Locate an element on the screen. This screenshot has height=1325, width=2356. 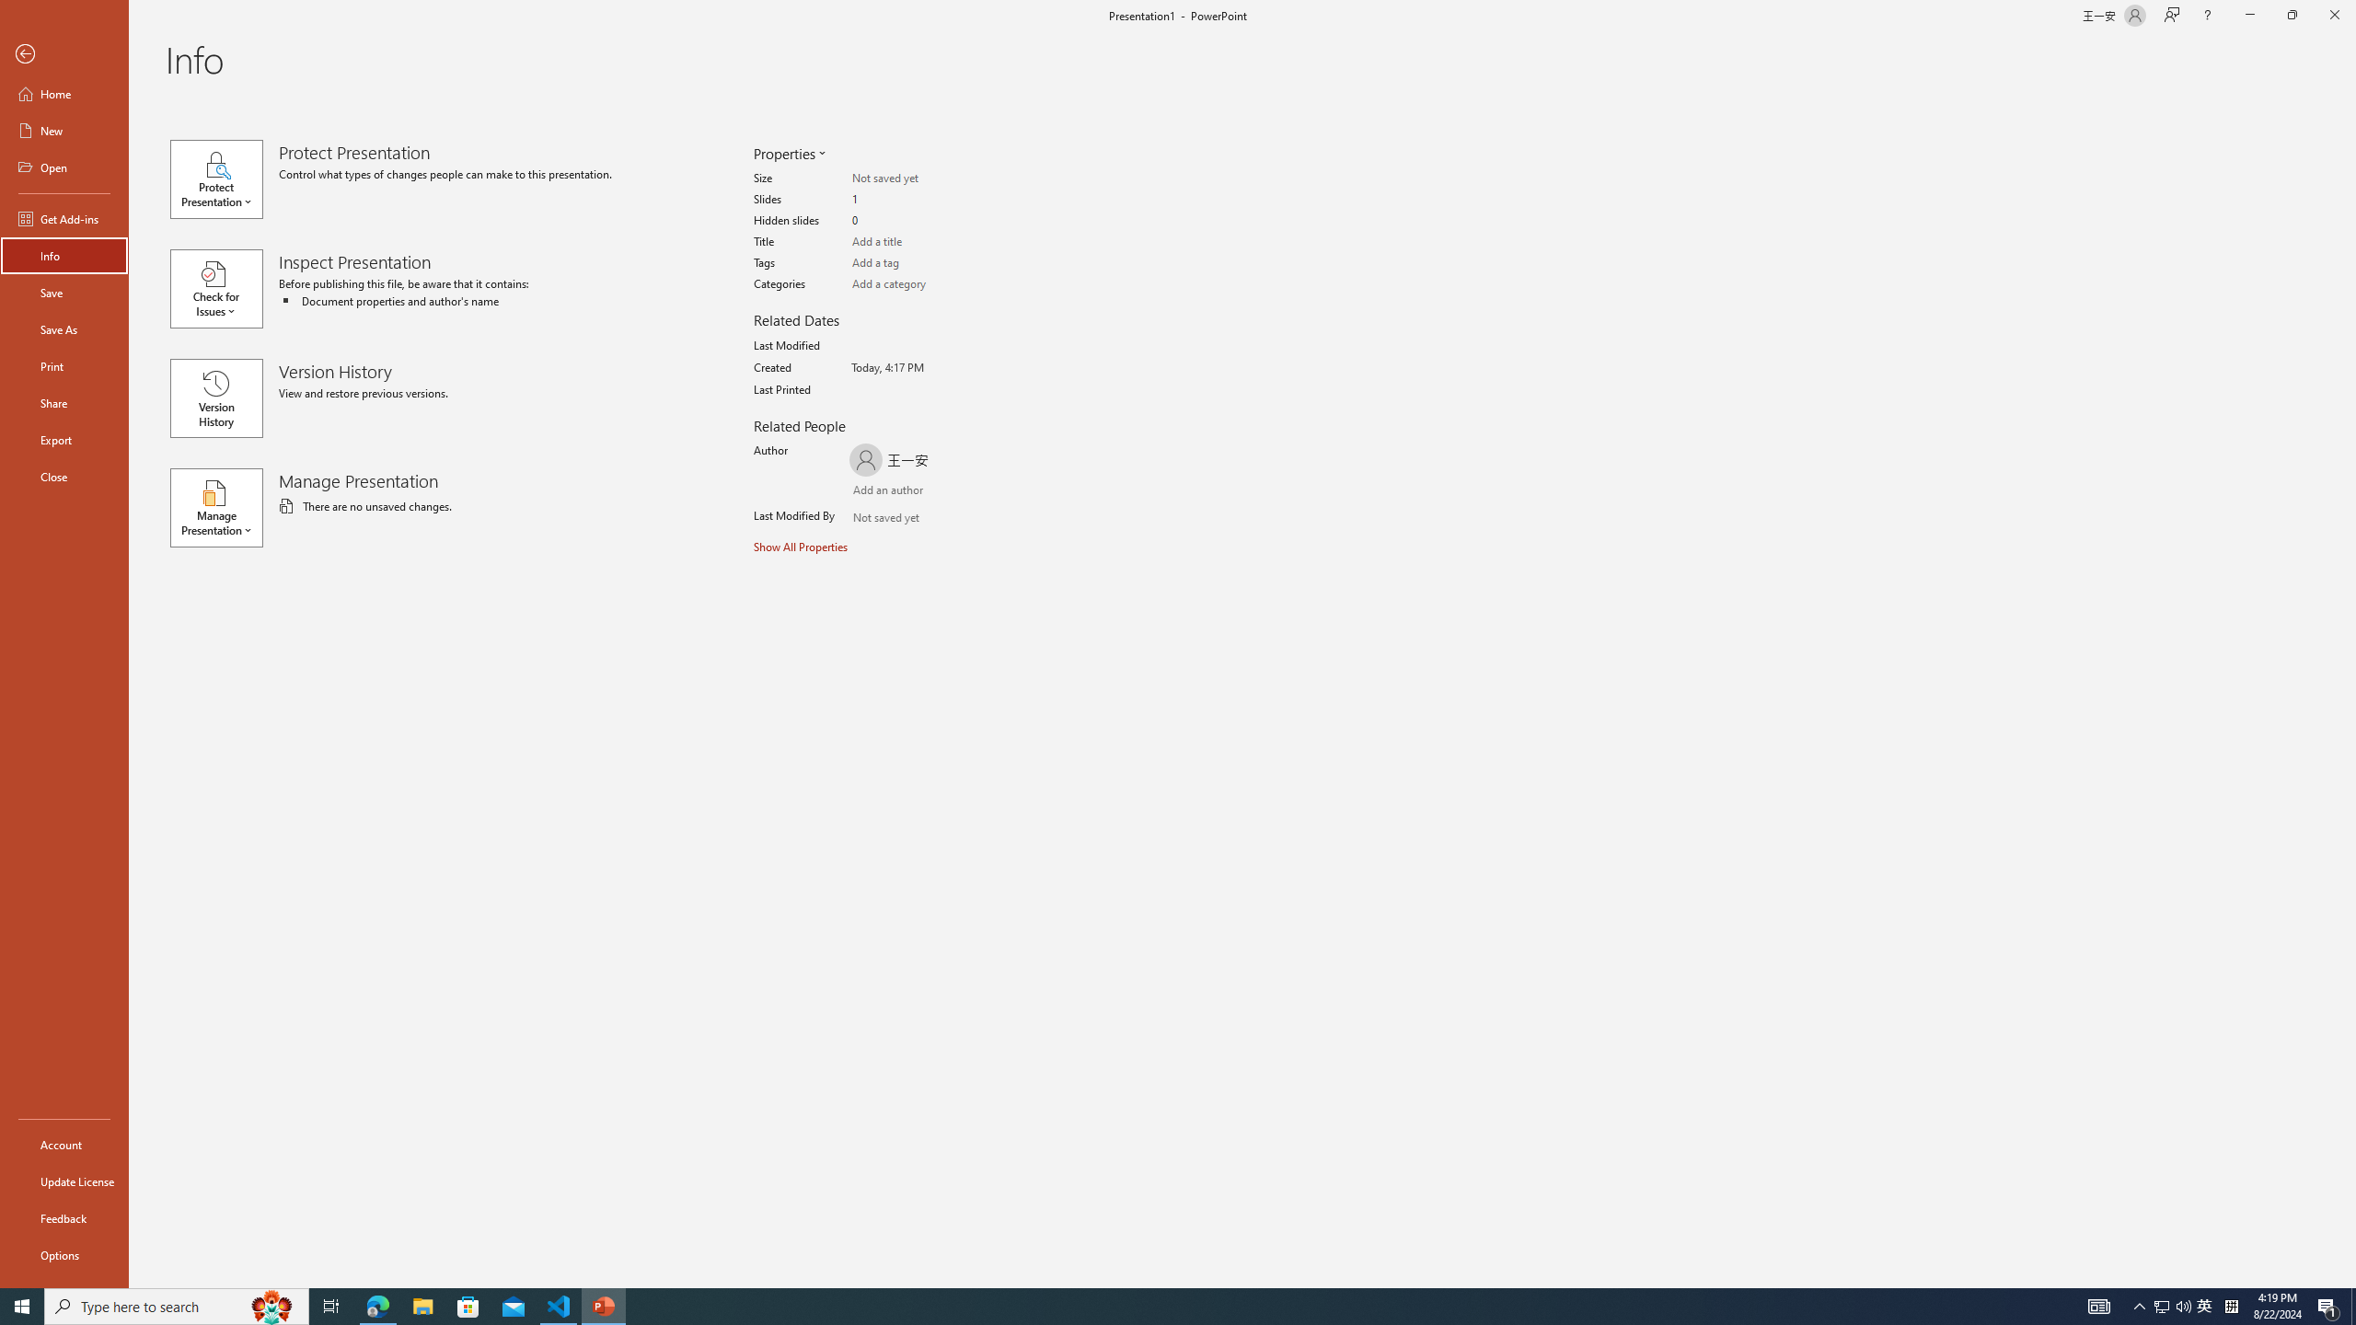
'Print' is located at coordinates (64, 365).